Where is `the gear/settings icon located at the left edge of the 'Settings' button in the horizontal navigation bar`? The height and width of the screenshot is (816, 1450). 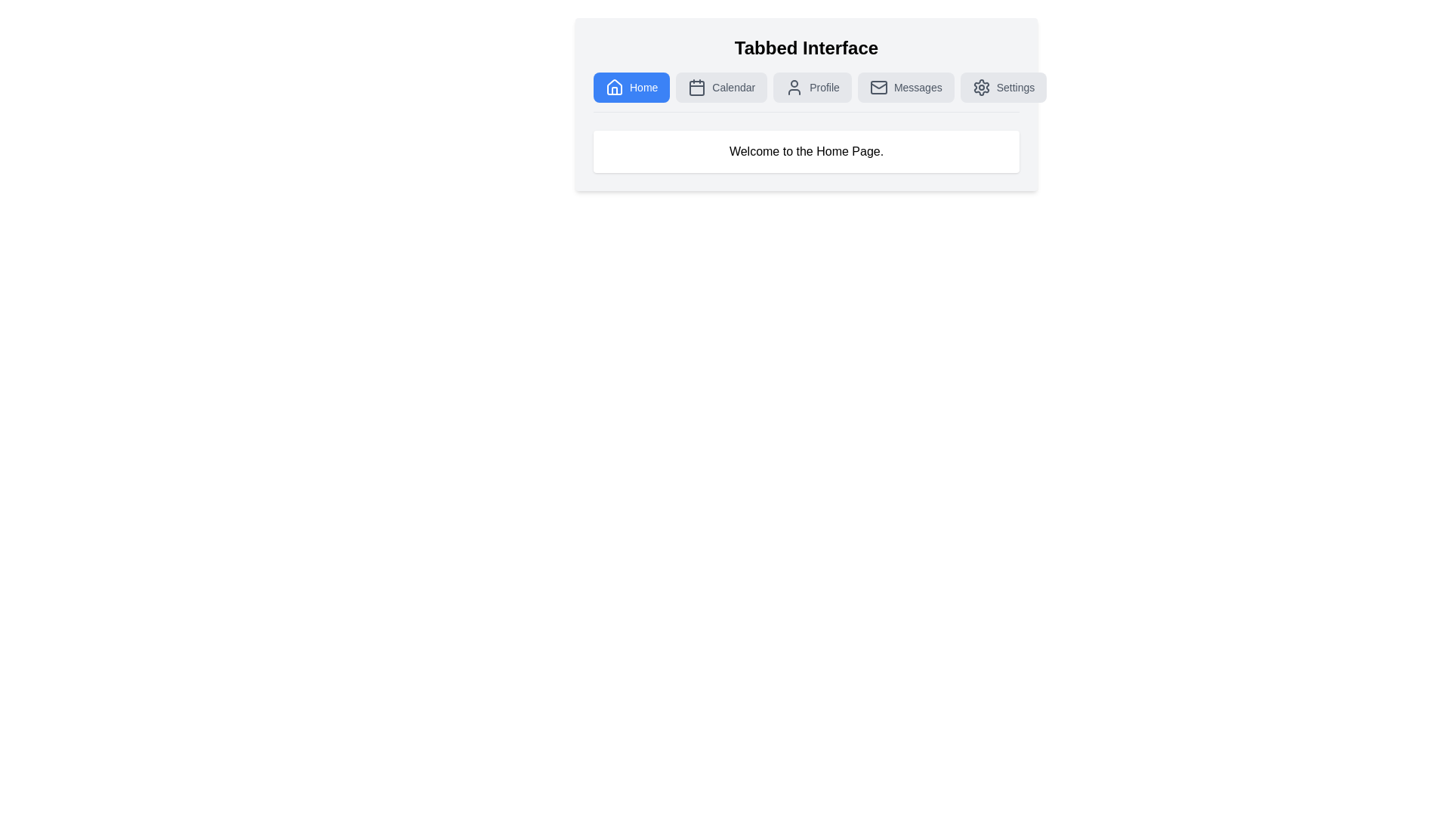 the gear/settings icon located at the left edge of the 'Settings' button in the horizontal navigation bar is located at coordinates (981, 87).